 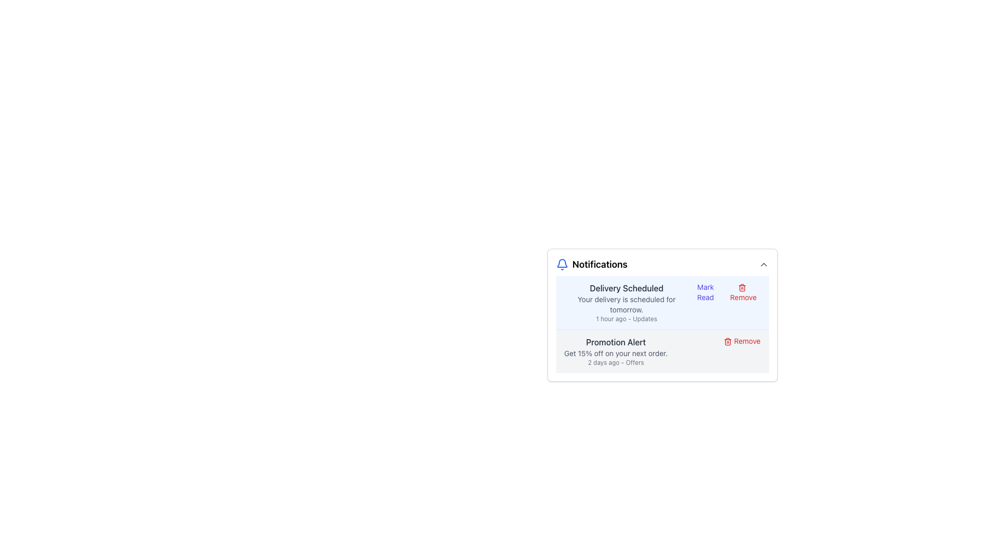 I want to click on text from the 'Promotion Alert' notification box, which contains the title, subtitle, and timestamp information, so click(x=616, y=350).